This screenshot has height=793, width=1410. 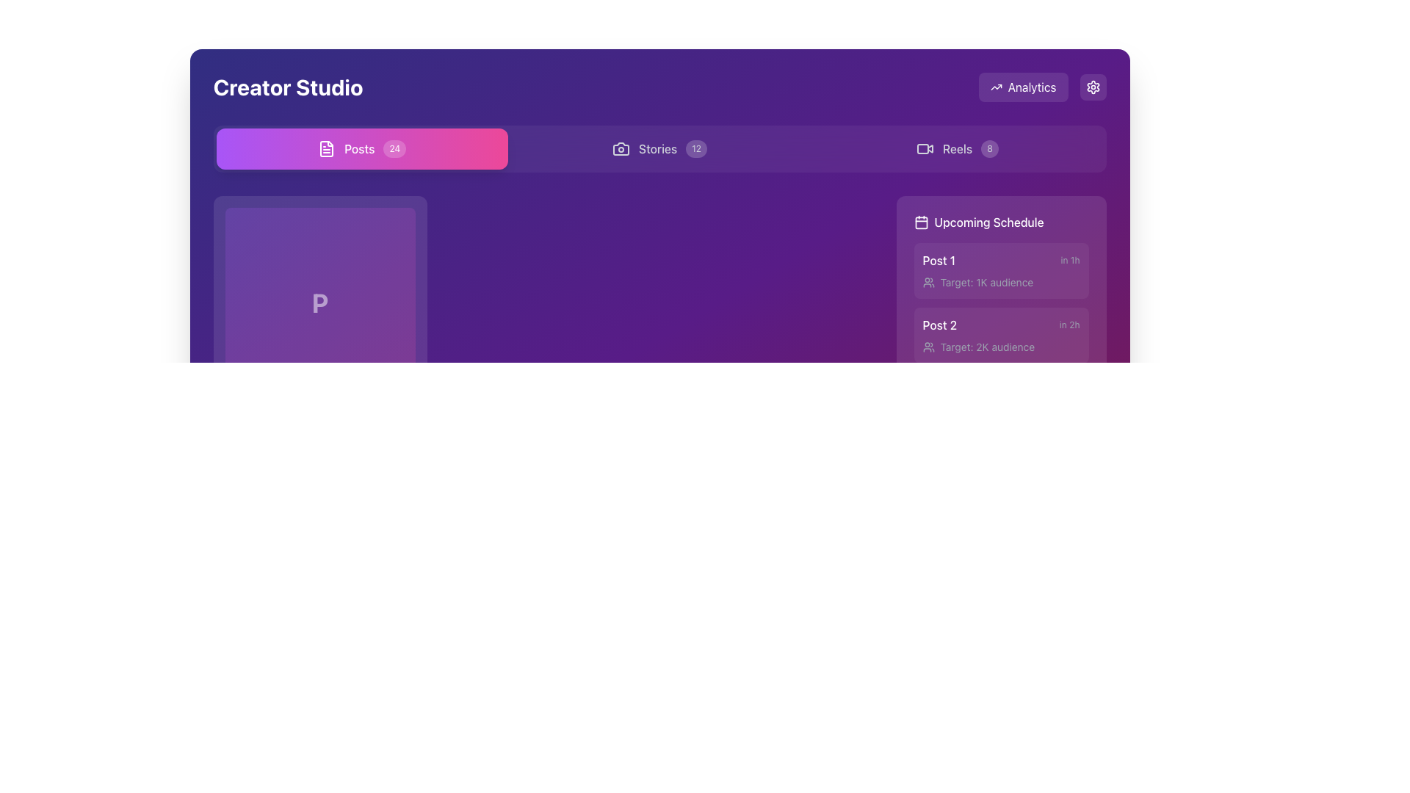 What do you see at coordinates (939, 325) in the screenshot?
I see `the static text label displaying the title of the scheduled post in the Upcoming Schedule section` at bounding box center [939, 325].